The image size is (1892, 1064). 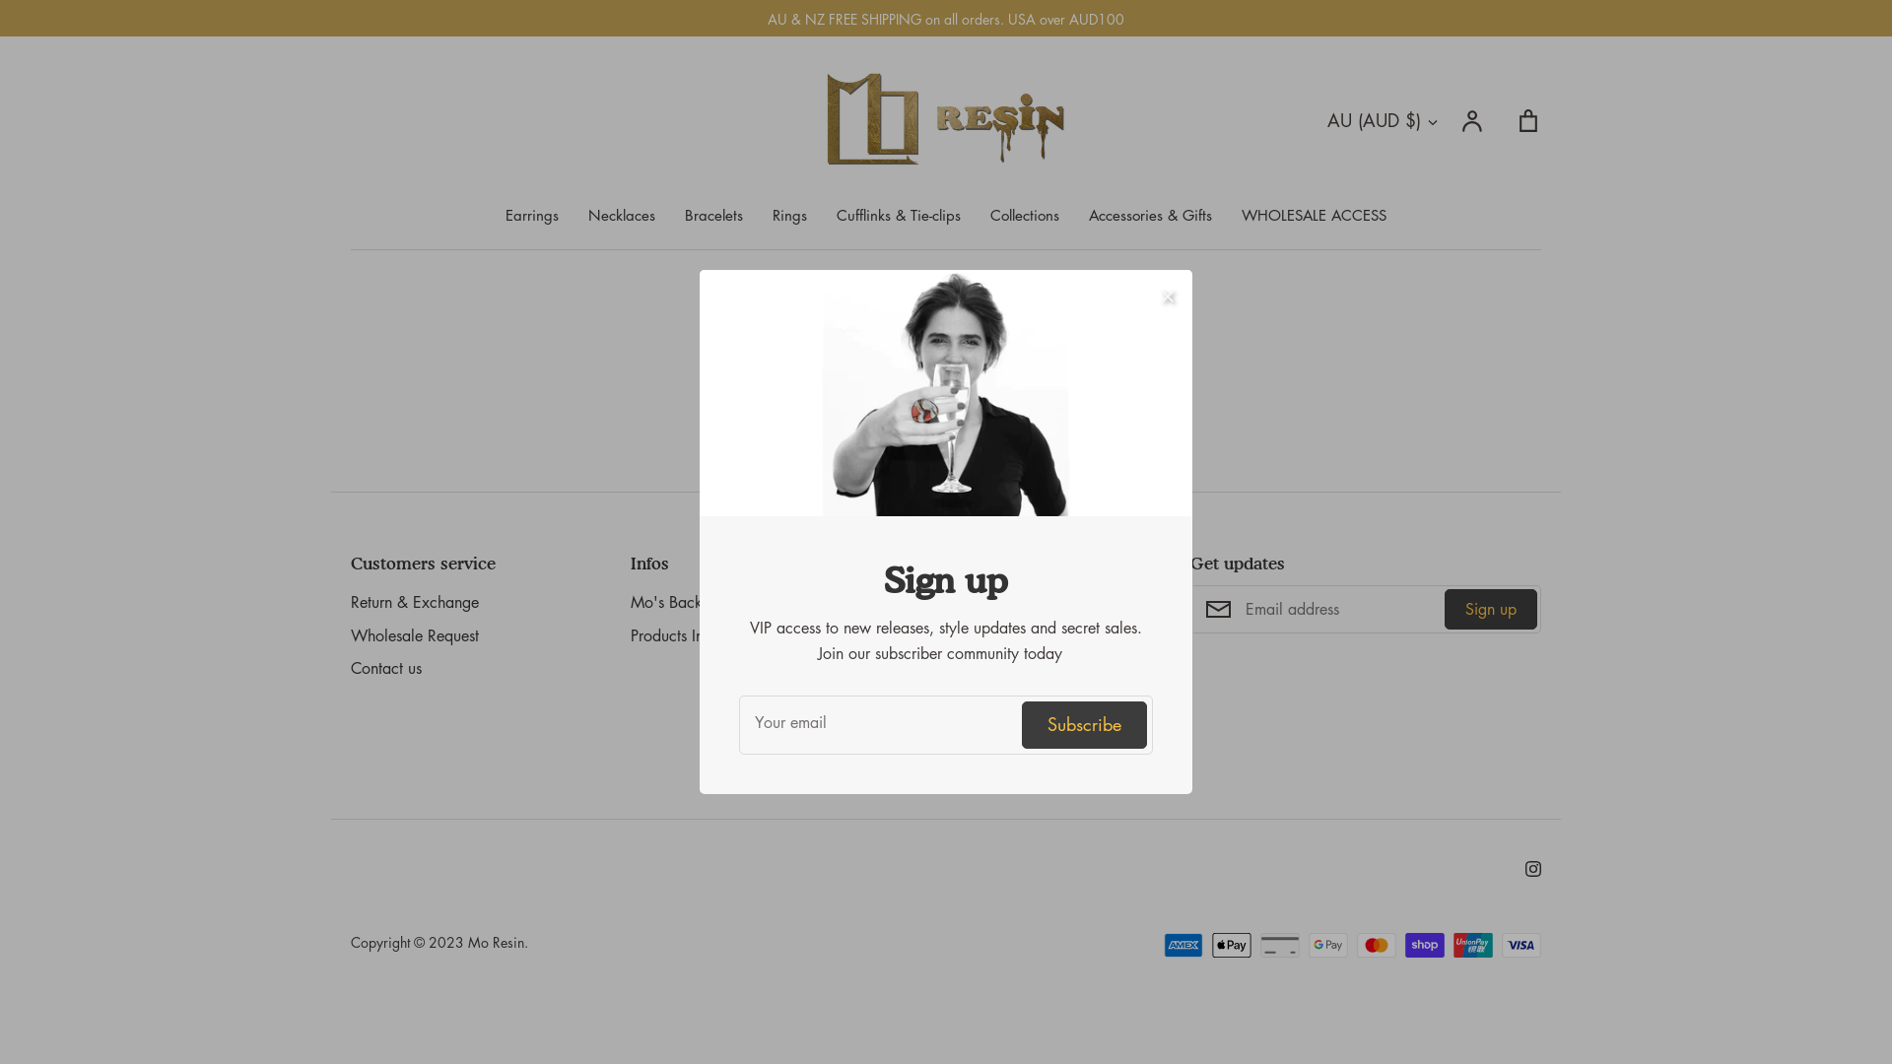 What do you see at coordinates (789, 215) in the screenshot?
I see `'Rings'` at bounding box center [789, 215].